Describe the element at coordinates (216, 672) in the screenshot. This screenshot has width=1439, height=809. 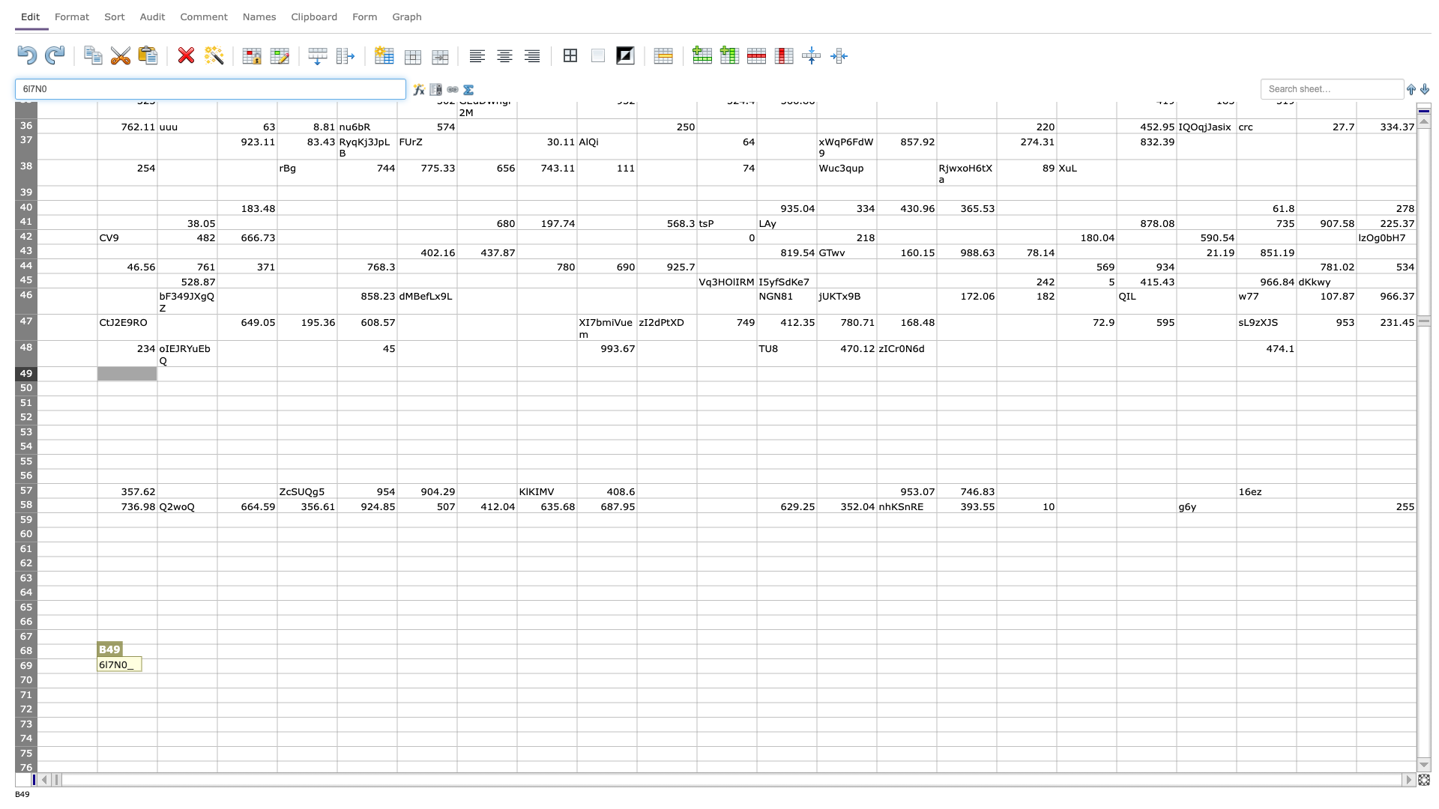
I see `bottom right corner of cell C69` at that location.